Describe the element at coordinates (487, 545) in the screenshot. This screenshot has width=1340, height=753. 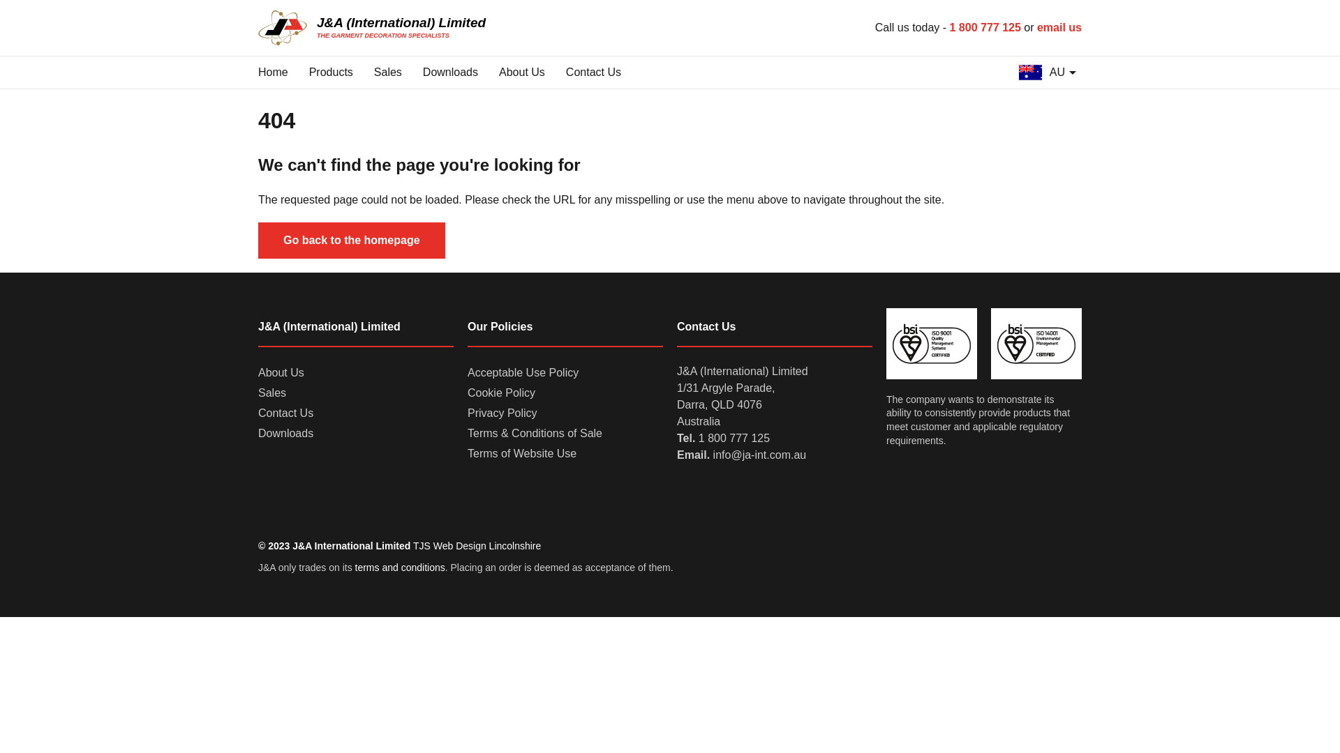
I see `'Web Design Lincolnshire'` at that location.